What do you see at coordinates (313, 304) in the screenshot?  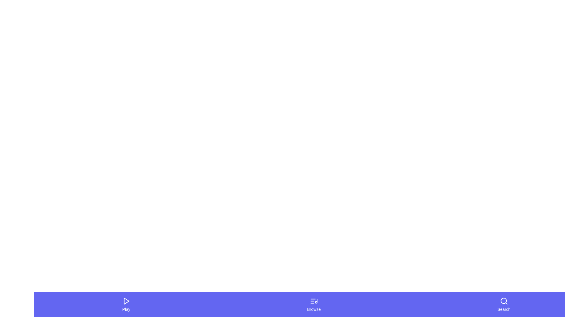 I see `the Browse button in the bottom navigation bar` at bounding box center [313, 304].